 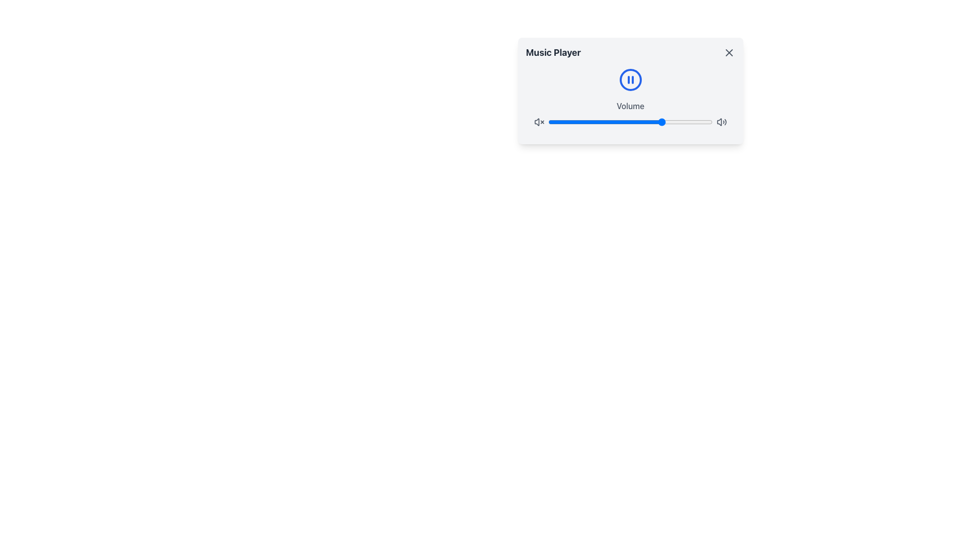 What do you see at coordinates (612, 122) in the screenshot?
I see `the volume` at bounding box center [612, 122].